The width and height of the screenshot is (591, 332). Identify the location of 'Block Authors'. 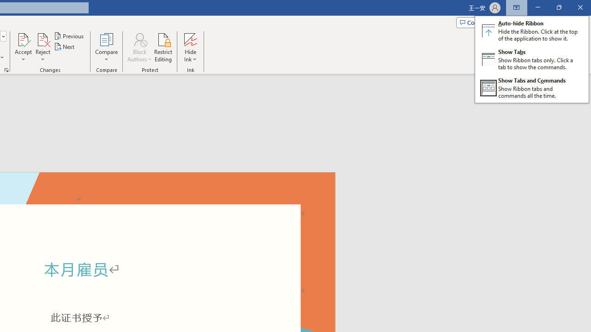
(139, 39).